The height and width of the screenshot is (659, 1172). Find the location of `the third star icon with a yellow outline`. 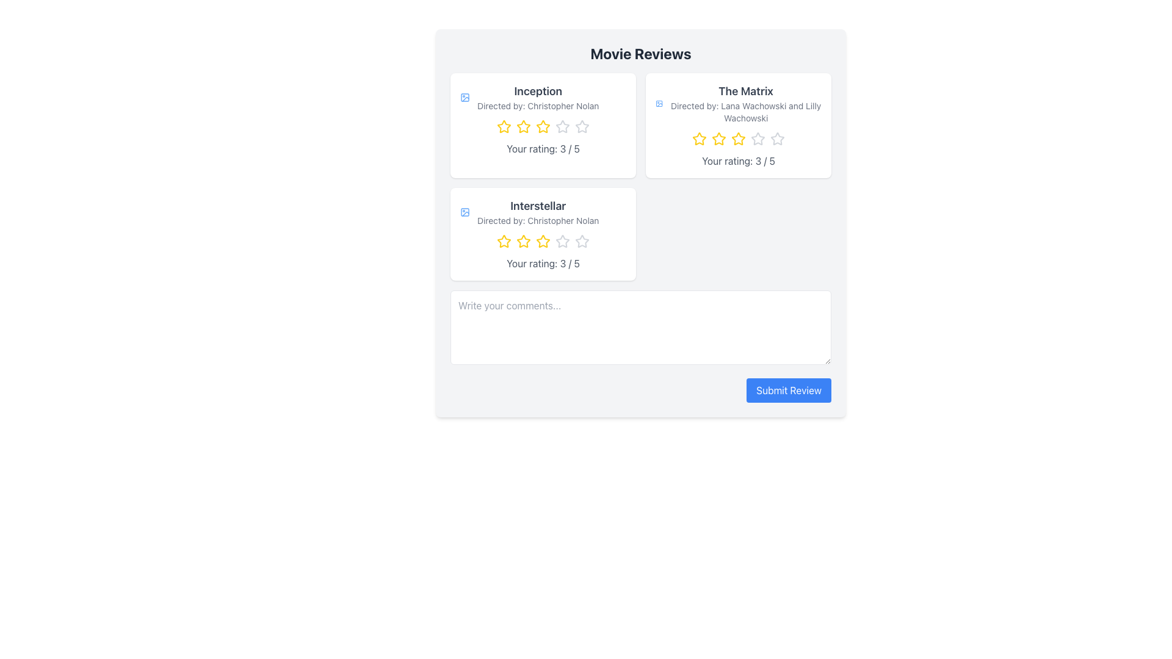

the third star icon with a yellow outline is located at coordinates (542, 127).